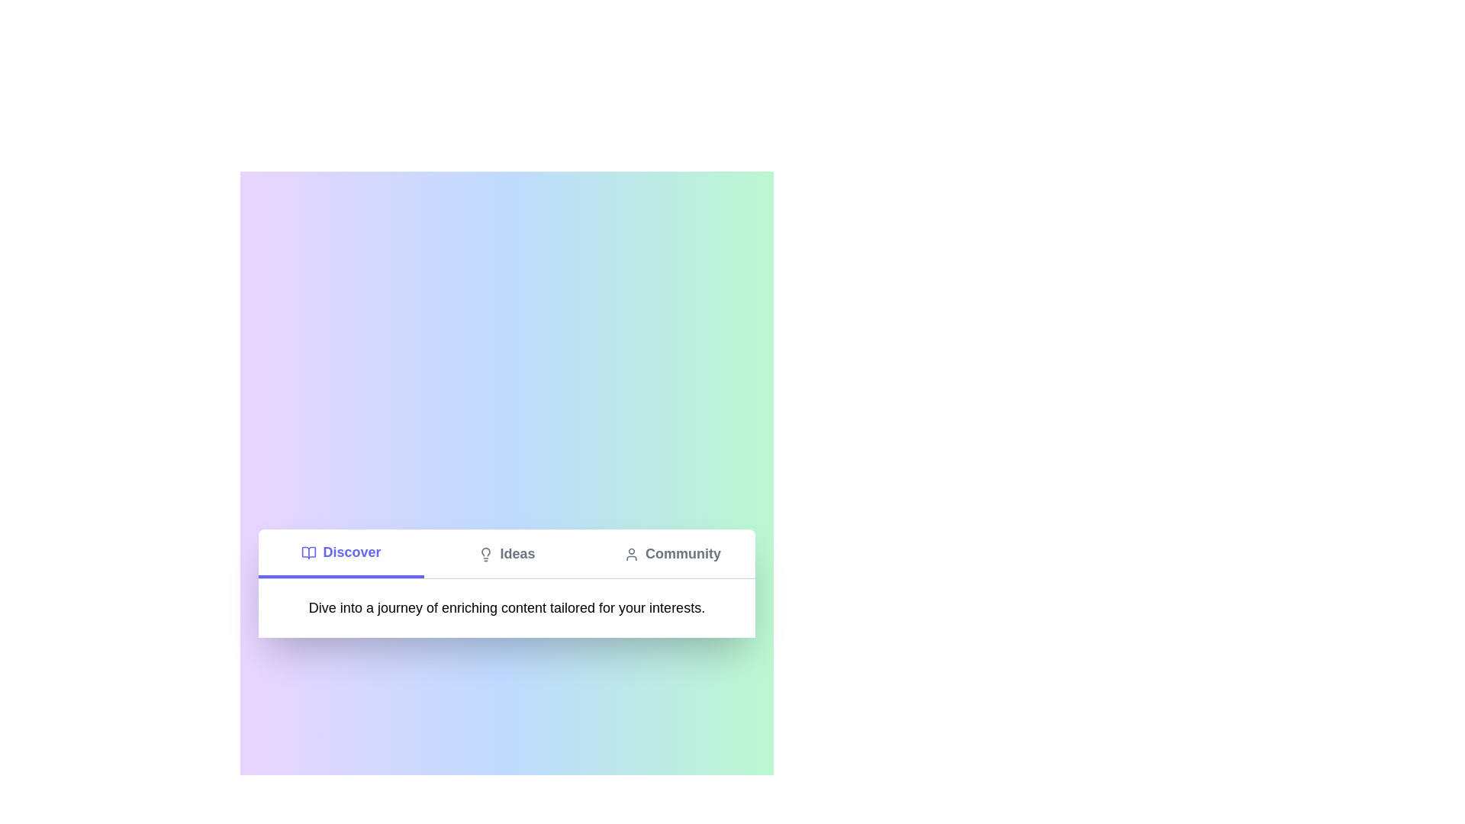  What do you see at coordinates (507, 553) in the screenshot?
I see `the Ideas tab in the InteractivePanel` at bounding box center [507, 553].